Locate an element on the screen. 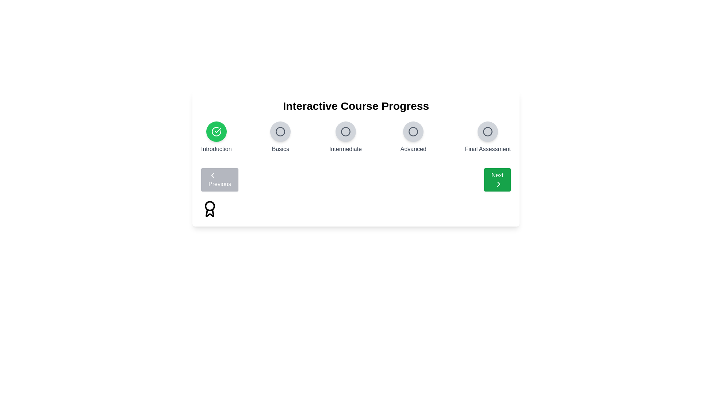  the context of the 'Basics' step in the interactive course progression bar, which serves as a progress indicator button located between the 'Introduction' and 'Intermediate' steps is located at coordinates (280, 132).